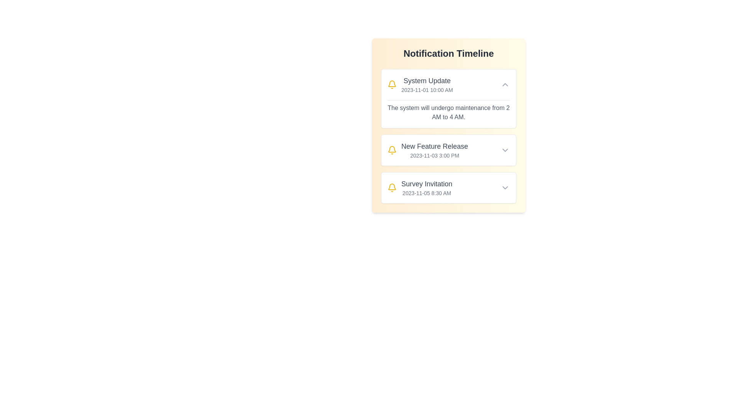 The width and height of the screenshot is (736, 414). Describe the element at coordinates (392, 187) in the screenshot. I see `the notification icon located in the third notification card from the top, positioned to the left of the text 'Survey Invitation' and '2023-11-05 8:30 AM'` at that location.